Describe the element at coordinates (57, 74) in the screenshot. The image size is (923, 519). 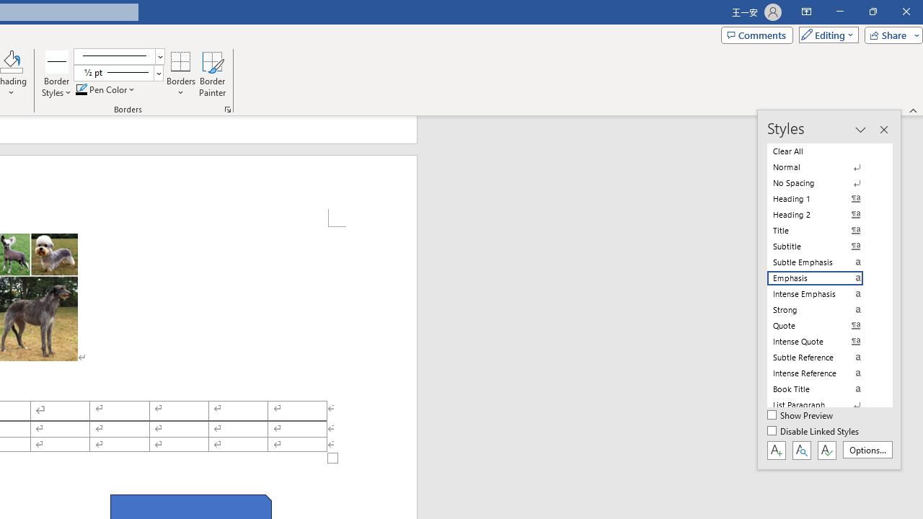
I see `'Border Styles'` at that location.